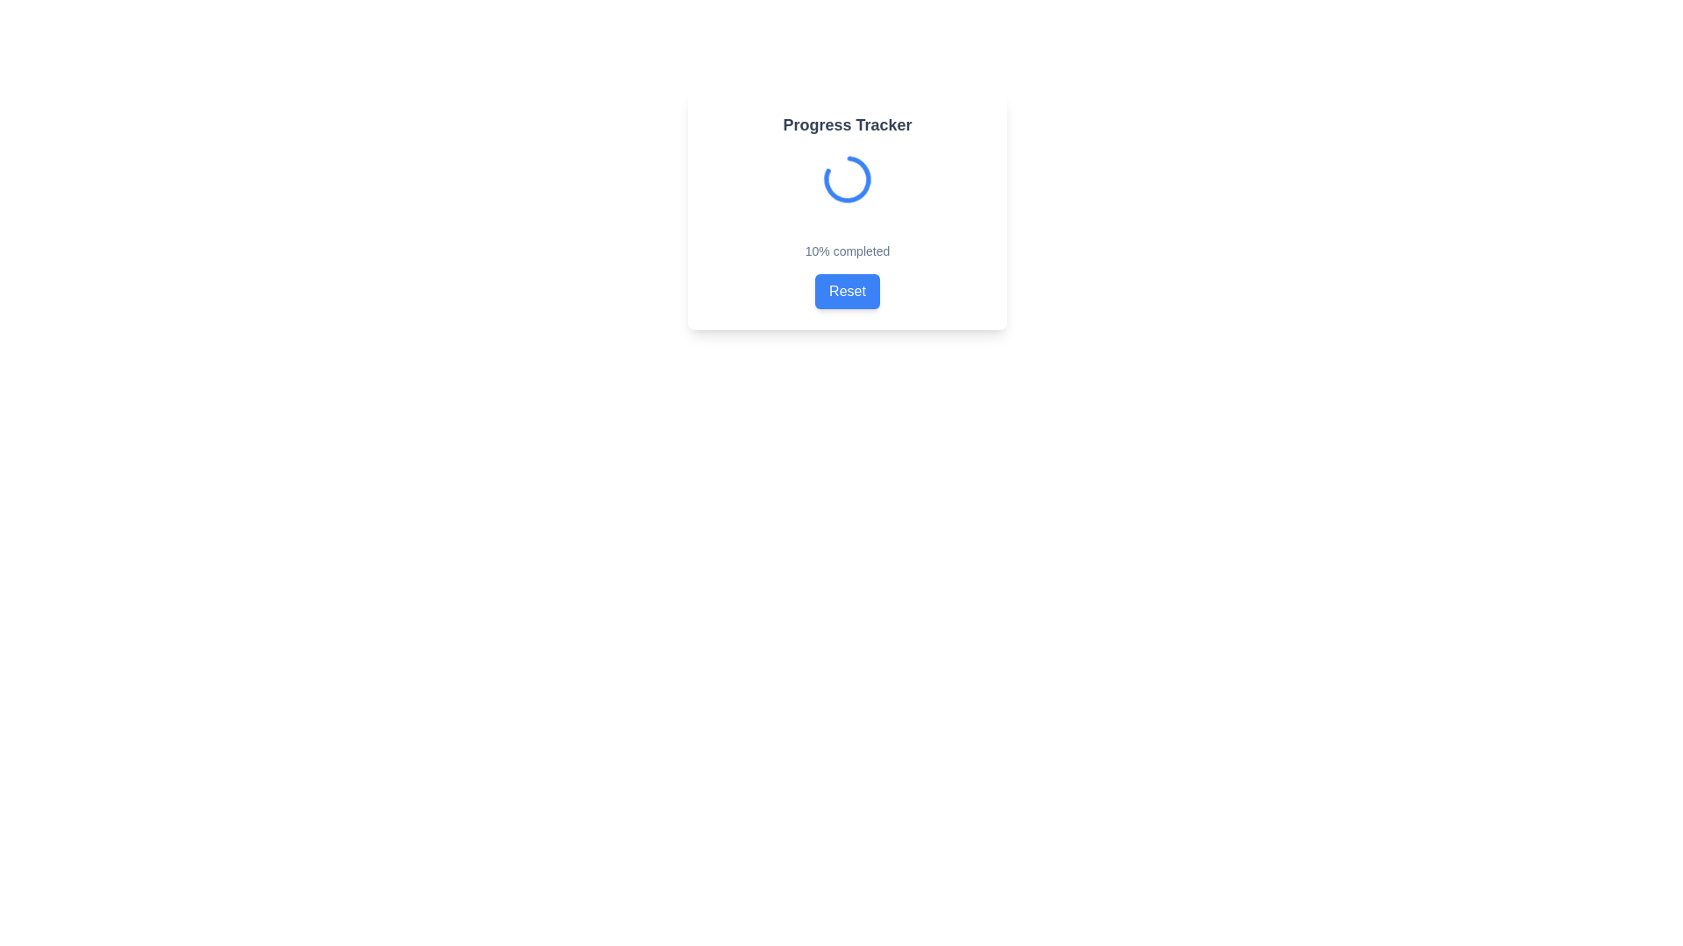  I want to click on the 'Progress Tracker' text label which is bold, larger in font size, and displayed in dark slate color, located at the top of the card layout, so click(847, 124).